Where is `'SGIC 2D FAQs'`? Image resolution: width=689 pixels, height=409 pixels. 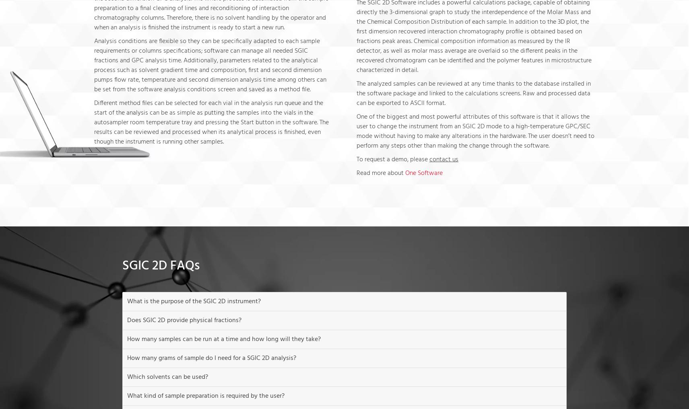
'SGIC 2D FAQs' is located at coordinates (161, 265).